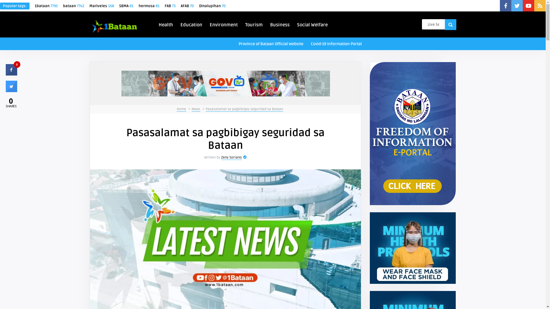  What do you see at coordinates (166, 24) in the screenshot?
I see `'Health'` at bounding box center [166, 24].